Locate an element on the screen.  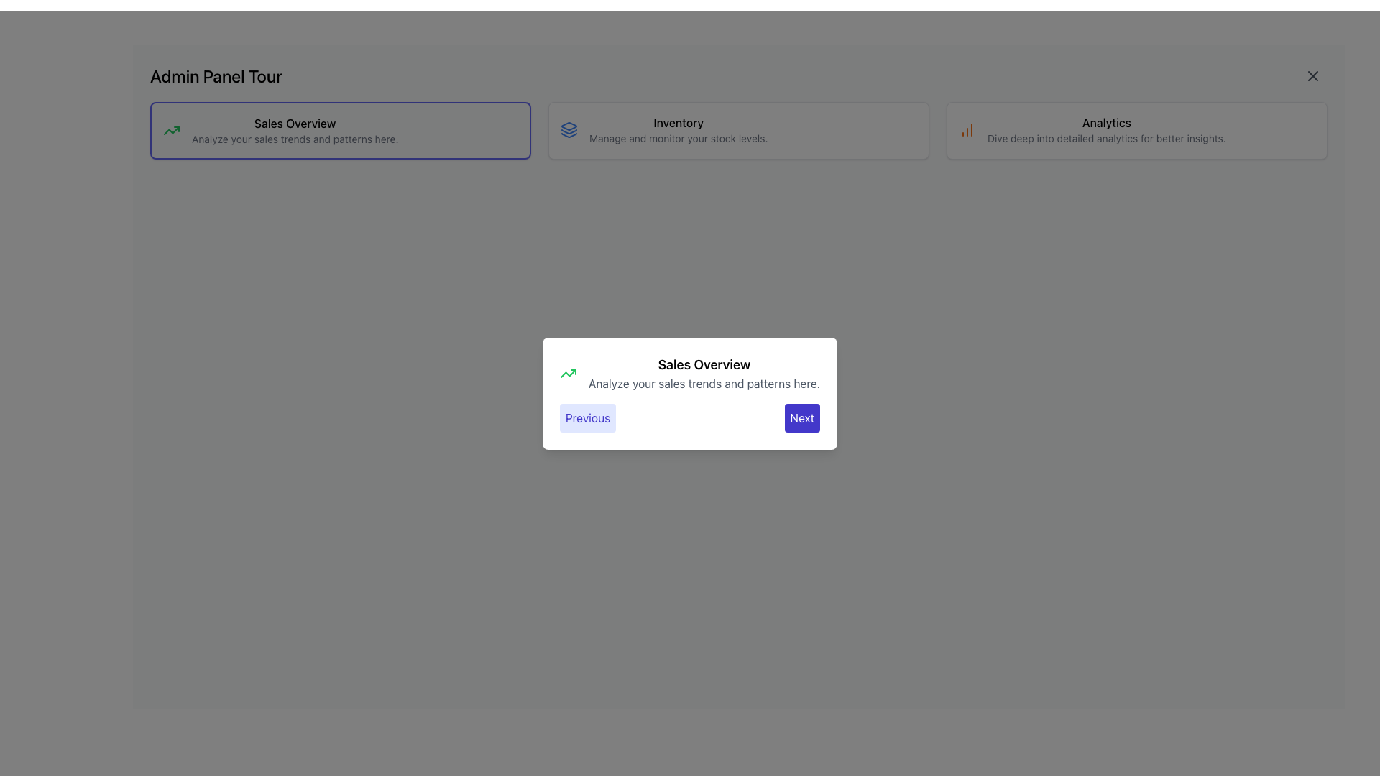
the upward trend SVG icon located in the 'Sales Overview' section, positioned to the left of the 'Sales Overview' text is located at coordinates (172, 130).